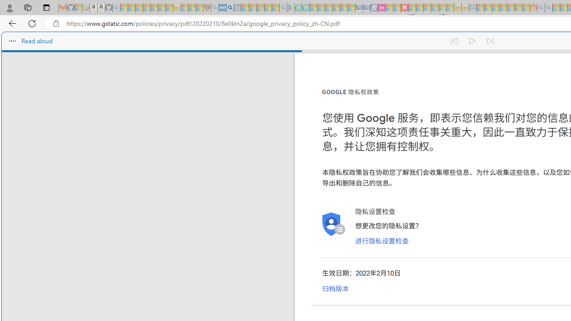 This screenshot has width=571, height=321. What do you see at coordinates (79, 8) in the screenshot?
I see `'Microsoft-Report a Concern to Bing - Sleeping'` at bounding box center [79, 8].